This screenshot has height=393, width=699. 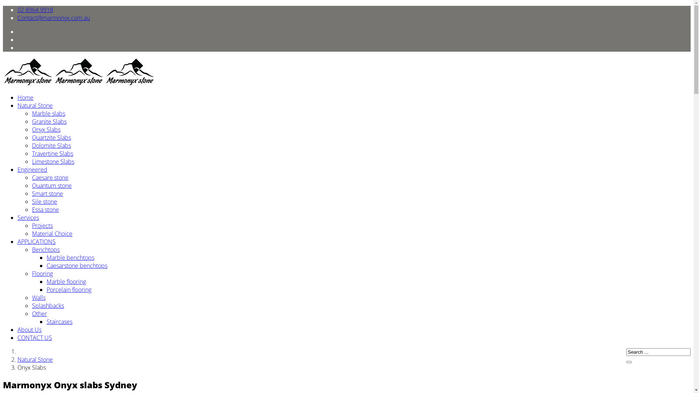 I want to click on 'Engineered', so click(x=32, y=170).